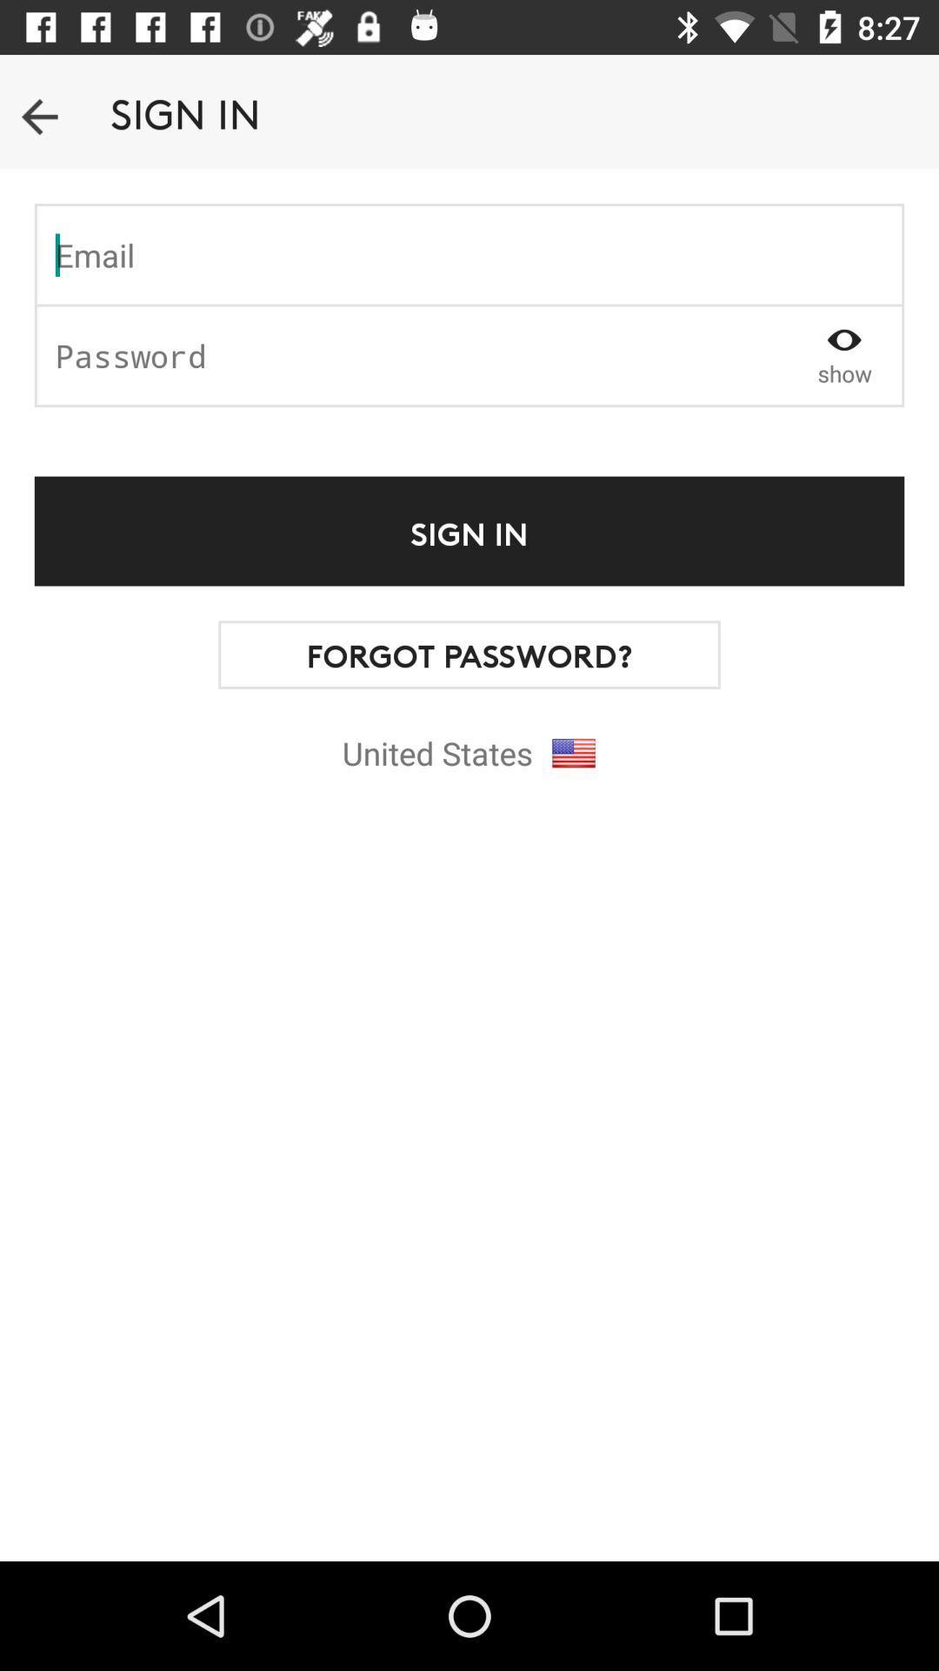 The height and width of the screenshot is (1671, 939). What do you see at coordinates (469, 530) in the screenshot?
I see `the text above forgot passwords` at bounding box center [469, 530].